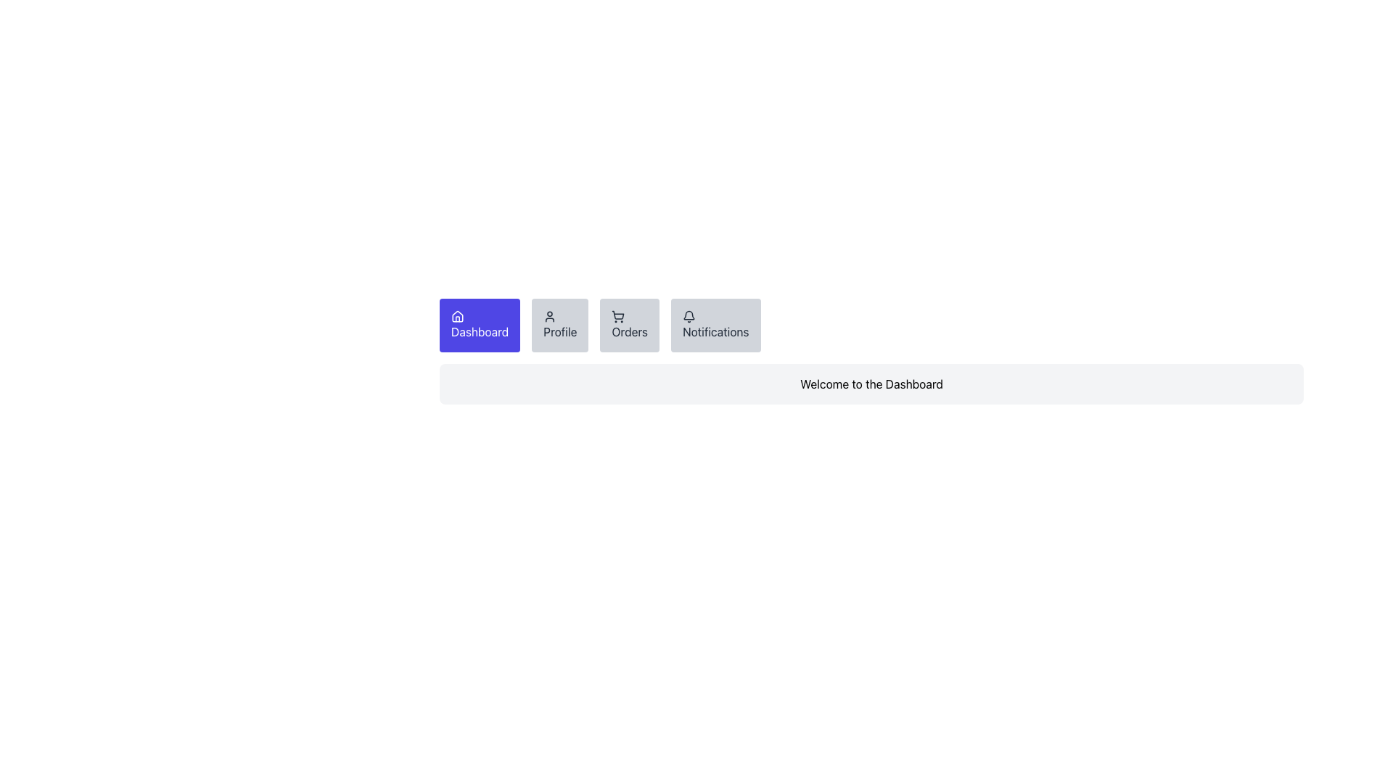 The height and width of the screenshot is (783, 1393). What do you see at coordinates (456, 315) in the screenshot?
I see `the upper triangular shape of the house icon which is part of the purple 'Dashboard' button in the navigation menu` at bounding box center [456, 315].